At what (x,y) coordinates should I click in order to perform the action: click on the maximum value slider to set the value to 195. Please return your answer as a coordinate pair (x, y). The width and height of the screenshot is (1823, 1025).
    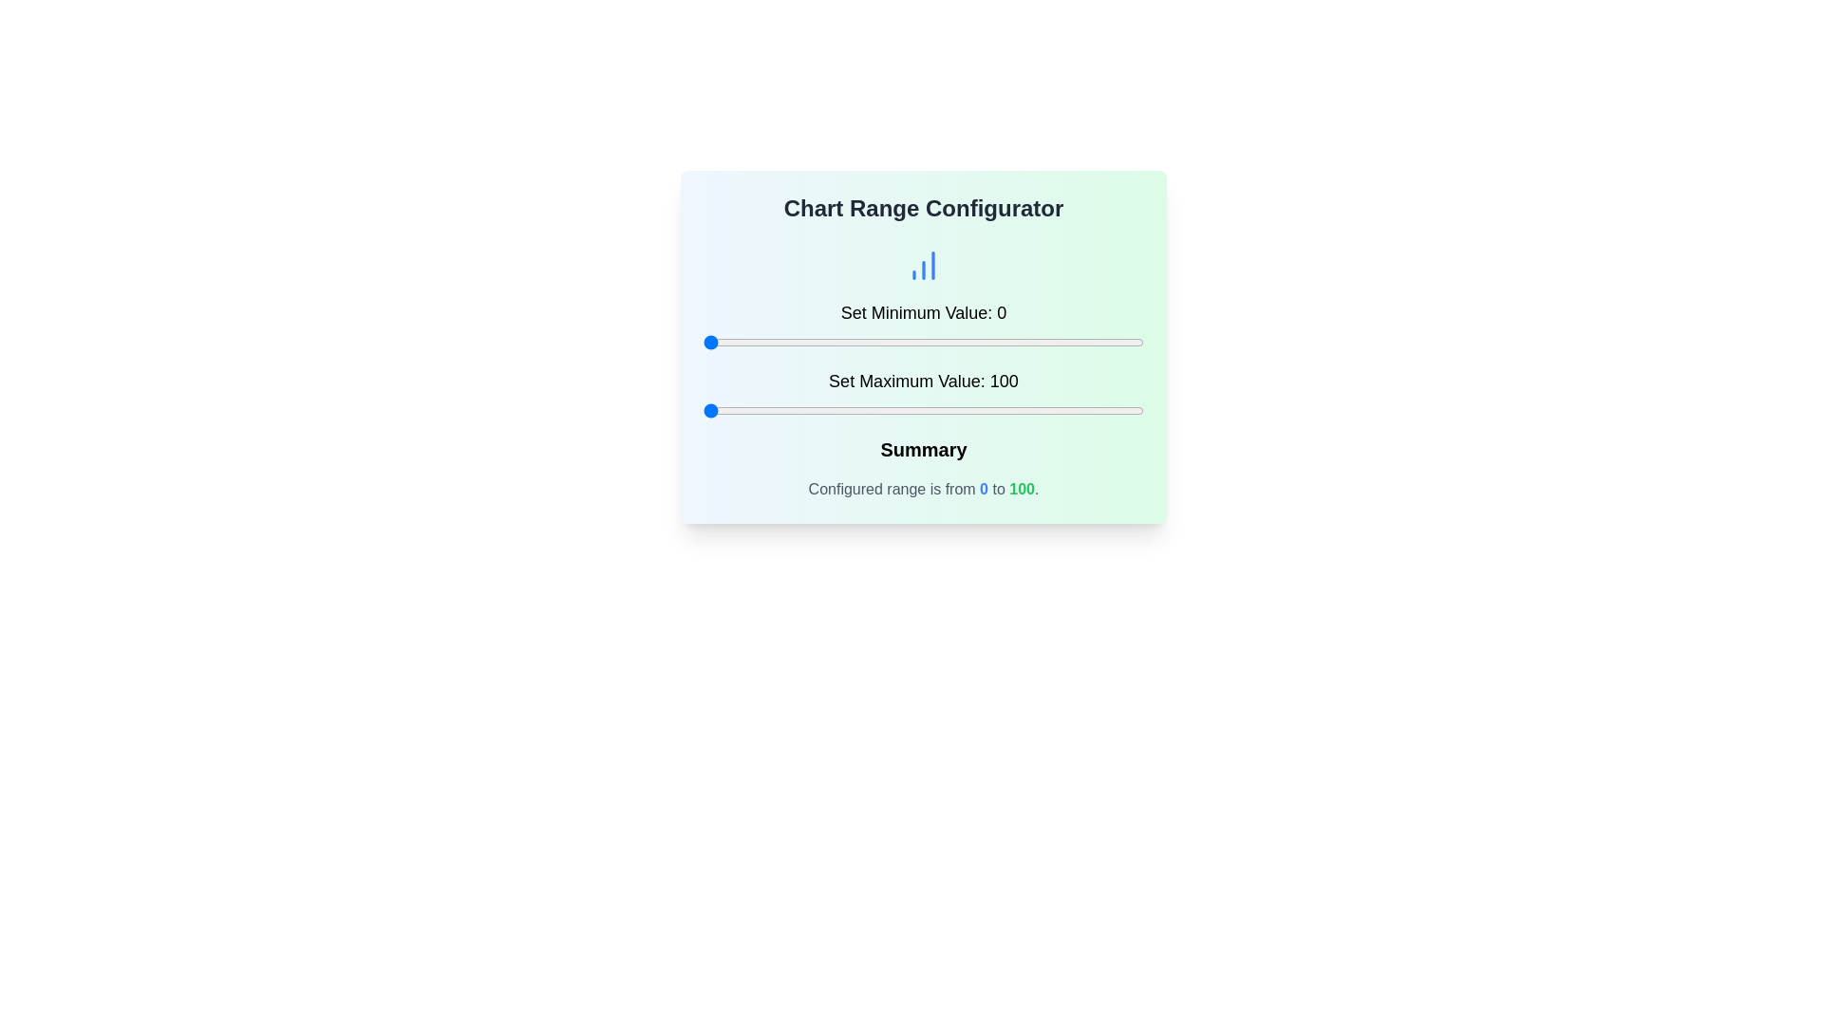
    Looking at the image, I should click on (1121, 409).